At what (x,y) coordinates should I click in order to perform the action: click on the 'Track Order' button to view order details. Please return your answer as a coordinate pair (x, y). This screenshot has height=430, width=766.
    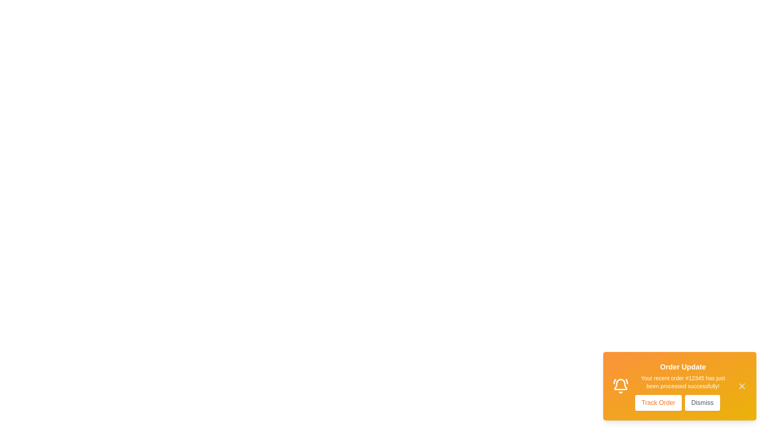
    Looking at the image, I should click on (658, 403).